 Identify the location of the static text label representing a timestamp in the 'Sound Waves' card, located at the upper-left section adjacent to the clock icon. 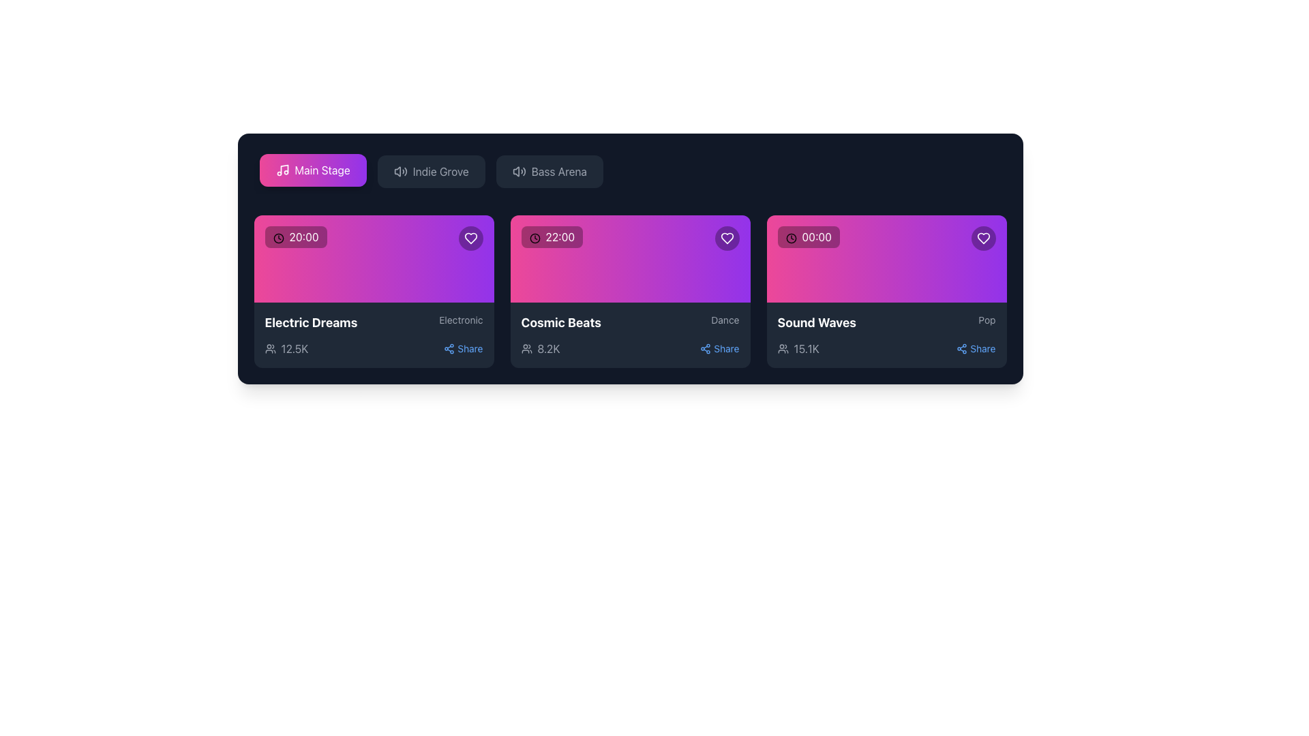
(817, 236).